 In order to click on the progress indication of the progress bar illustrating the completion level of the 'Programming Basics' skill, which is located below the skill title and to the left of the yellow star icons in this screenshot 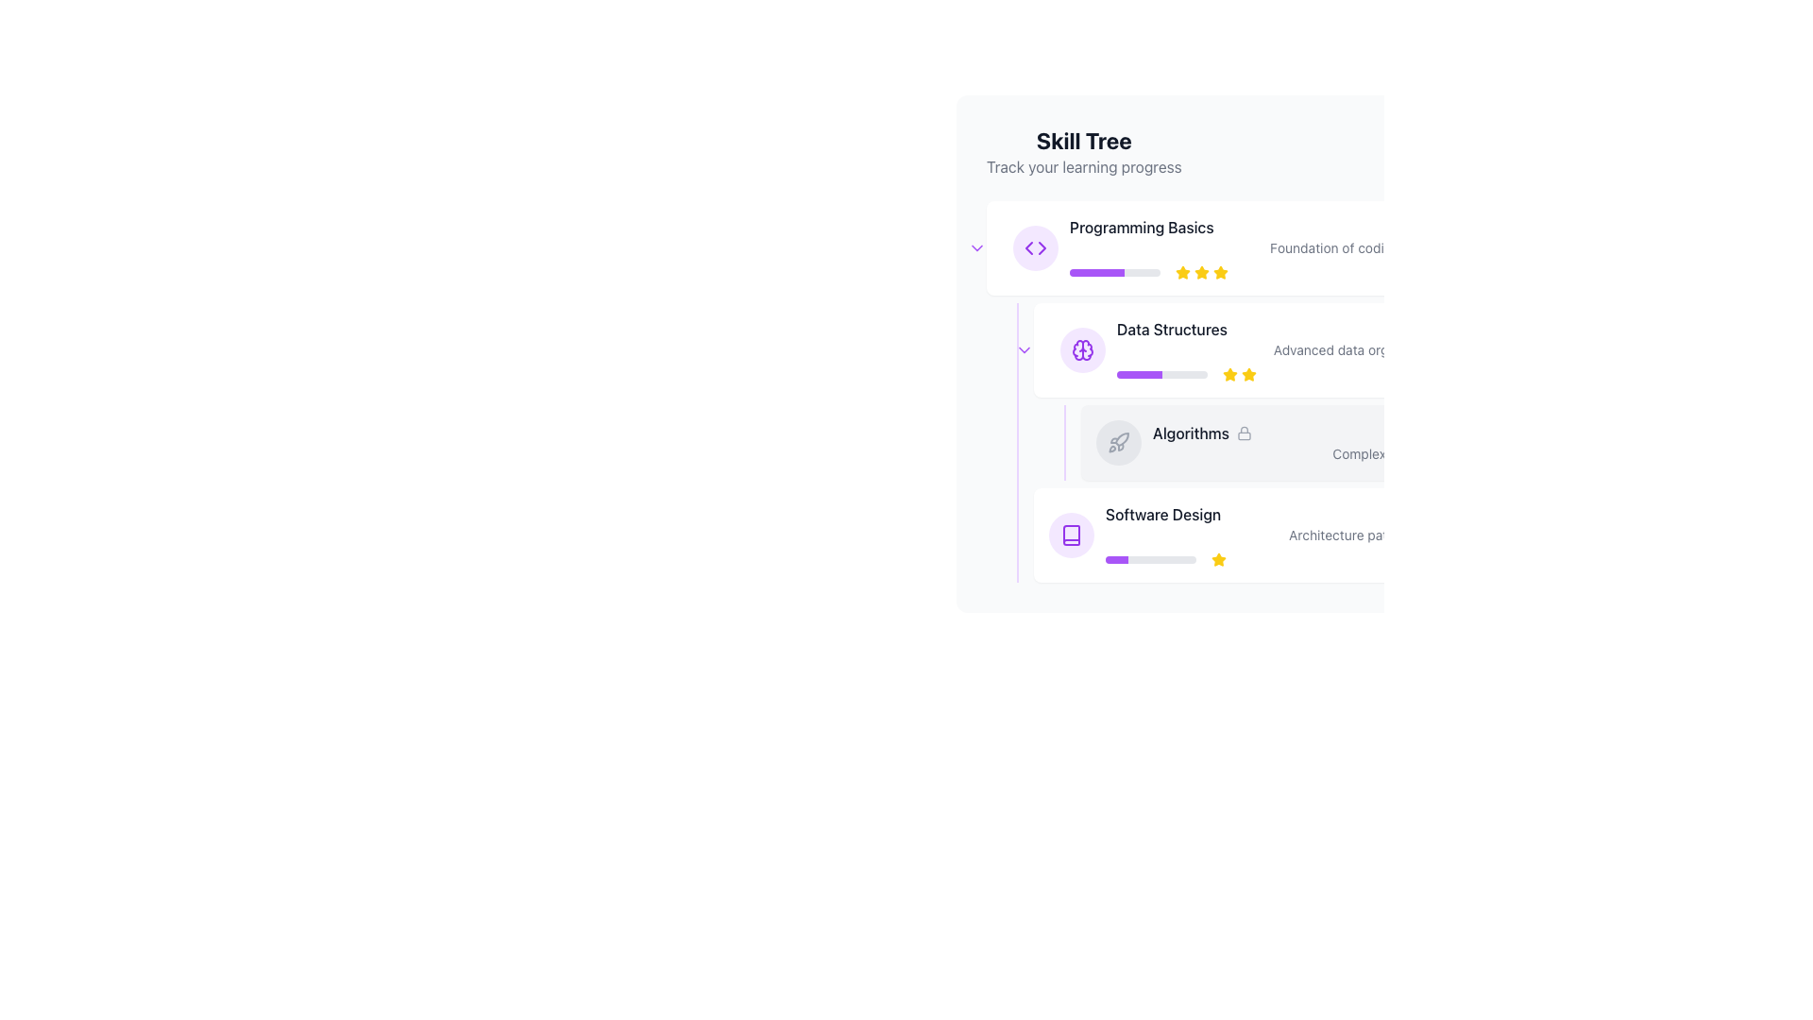, I will do `click(1114, 273)`.